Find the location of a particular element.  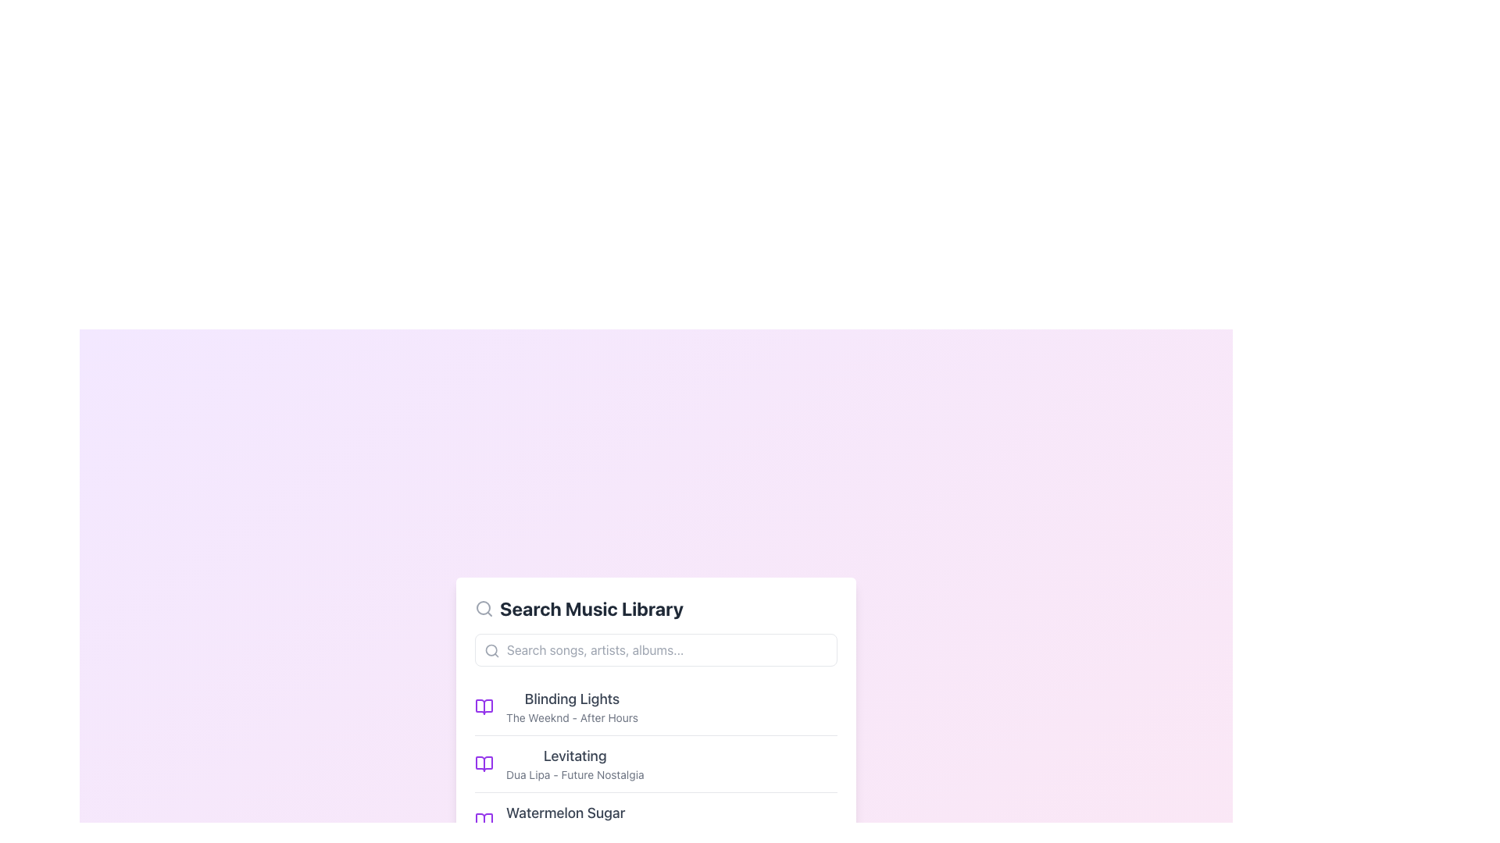

text content of the 'Blinding Lights' label, which is a bold title in medium gray color aligned to the left, located above 'The Weeknd - After Hours' is located at coordinates (571, 698).